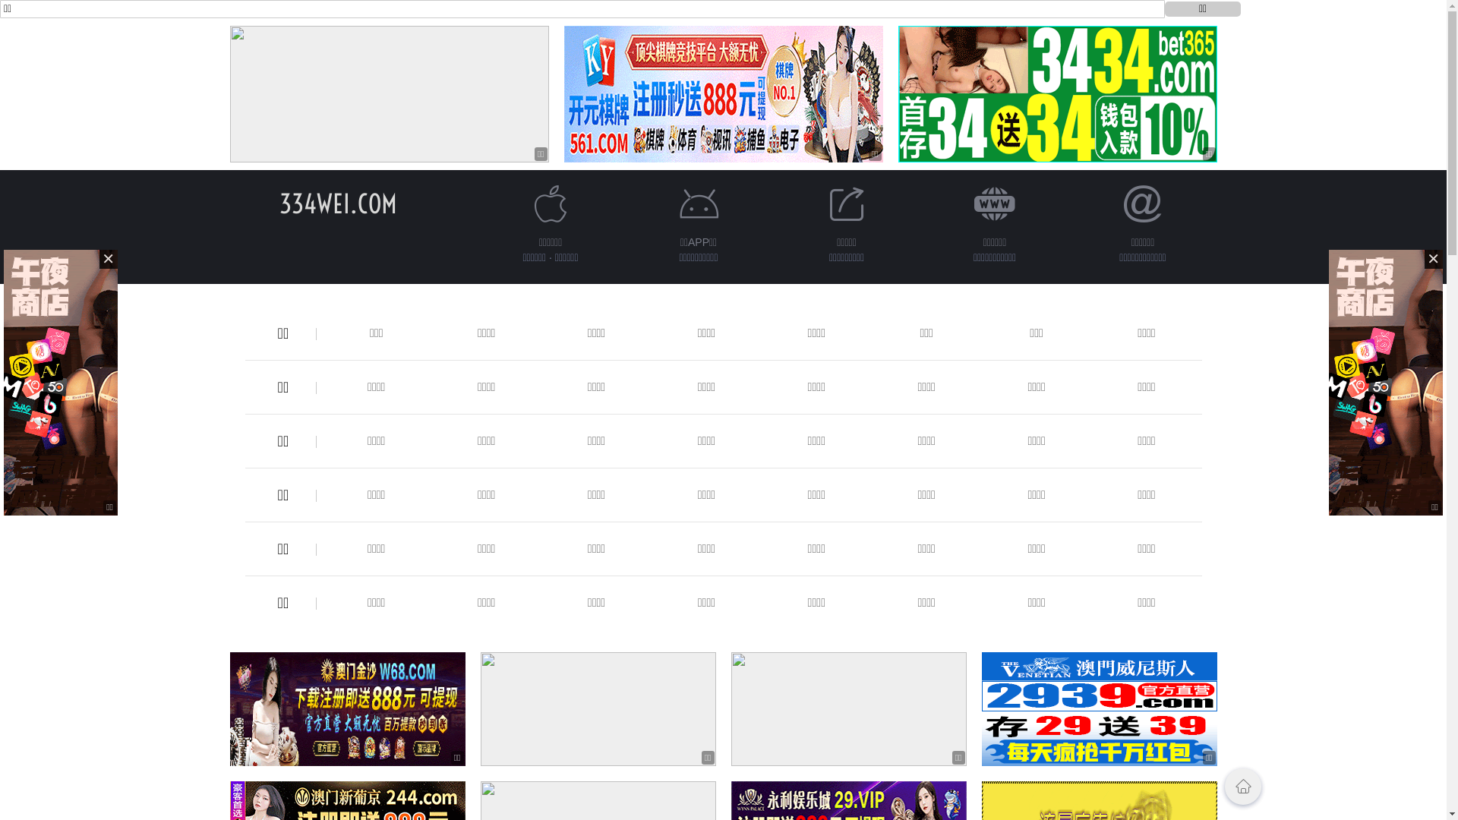 Image resolution: width=1458 pixels, height=820 pixels. I want to click on '334WEI.COM', so click(337, 203).